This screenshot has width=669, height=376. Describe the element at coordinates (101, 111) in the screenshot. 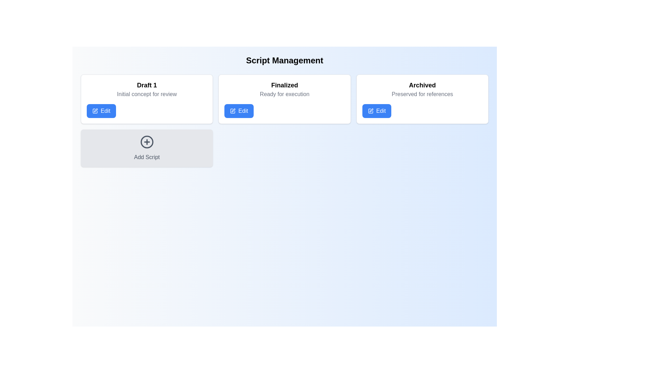

I see `the horizontally oriented blue button with a white pen icon and the text 'Edit' on the right, located at the bottom-left corner of the 'Draft 1' card` at that location.